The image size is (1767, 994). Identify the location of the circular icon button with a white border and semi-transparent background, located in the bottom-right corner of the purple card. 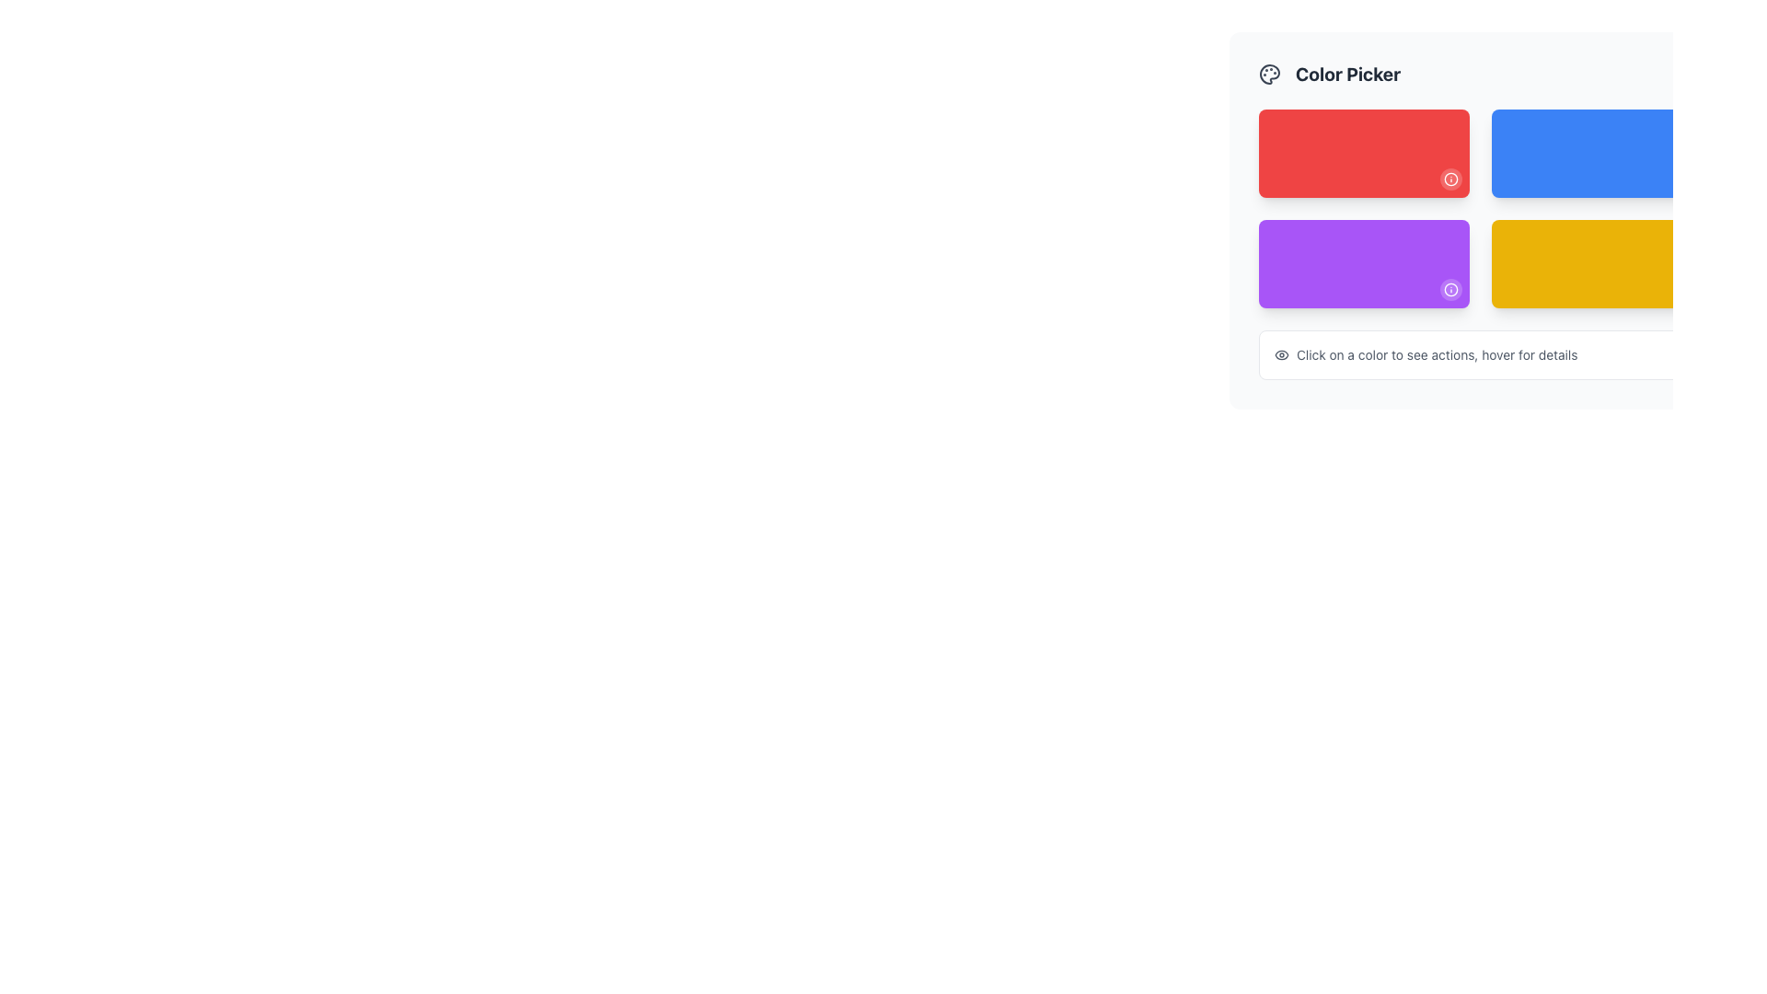
(1450, 290).